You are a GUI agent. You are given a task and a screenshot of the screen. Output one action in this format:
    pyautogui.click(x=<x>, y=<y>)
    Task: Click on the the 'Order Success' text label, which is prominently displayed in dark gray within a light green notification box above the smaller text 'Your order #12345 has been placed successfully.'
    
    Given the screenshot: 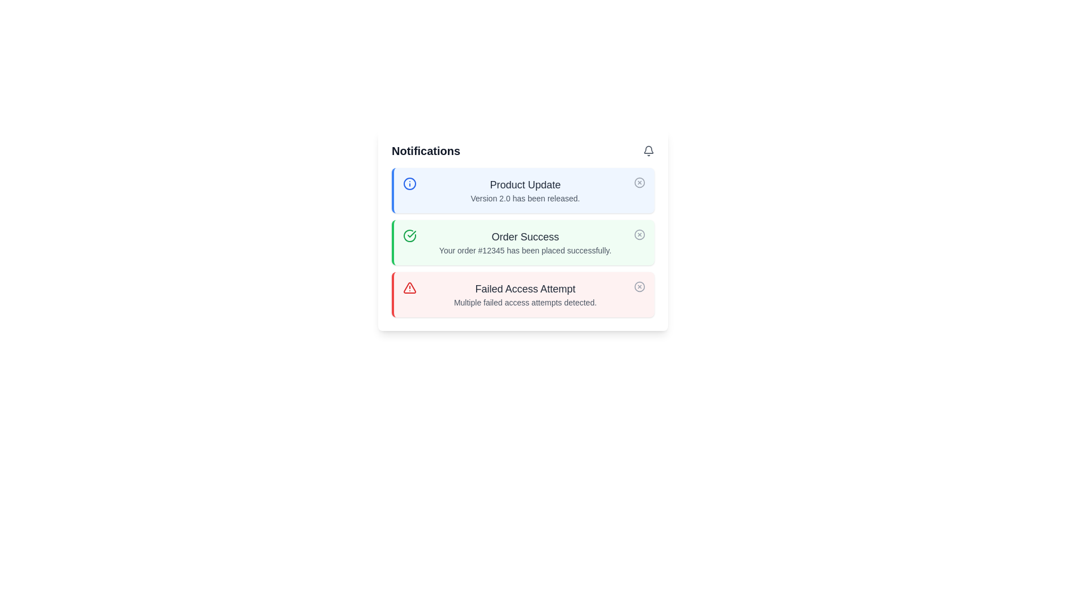 What is the action you would take?
    pyautogui.click(x=524, y=236)
    